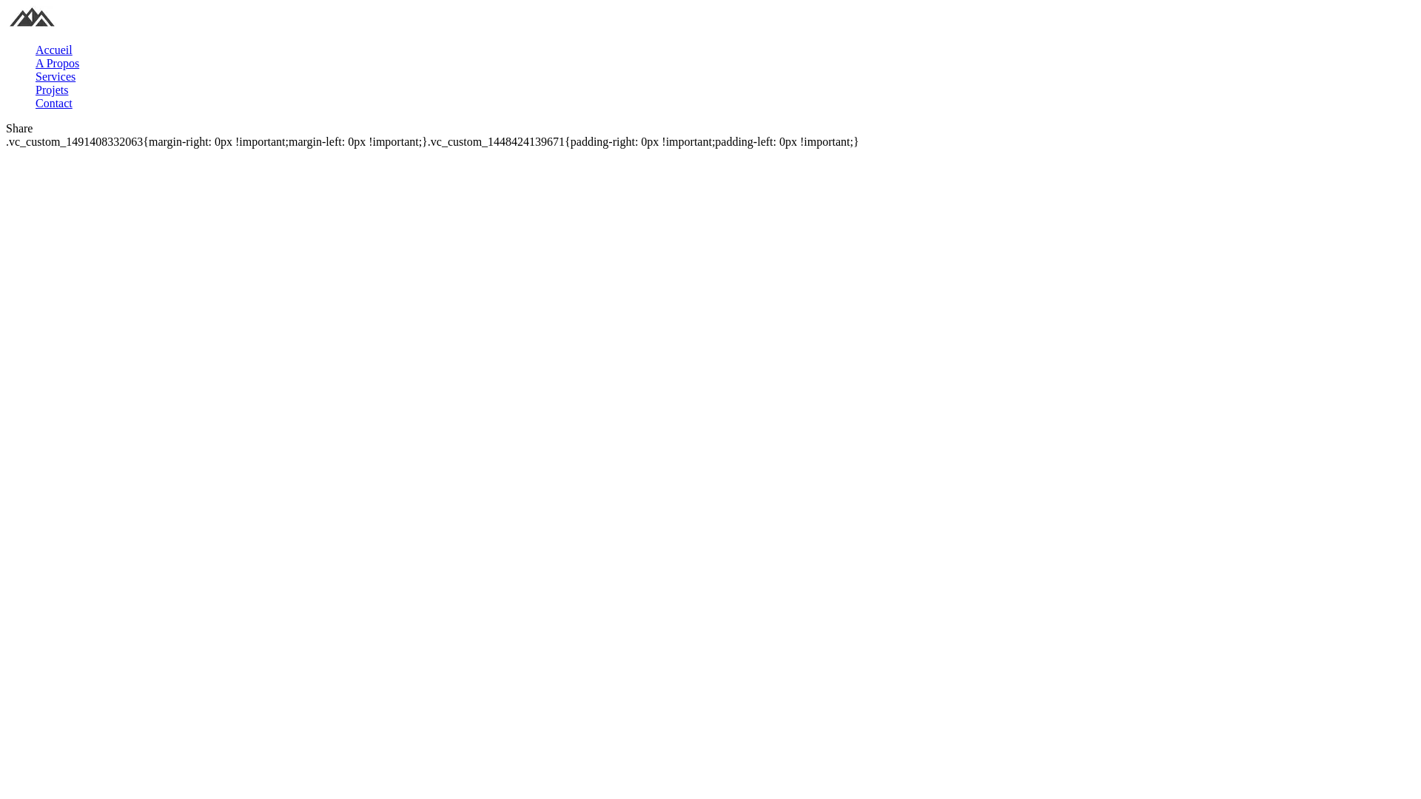 Image resolution: width=1421 pixels, height=799 pixels. Describe the element at coordinates (19, 127) in the screenshot. I see `'Share'` at that location.